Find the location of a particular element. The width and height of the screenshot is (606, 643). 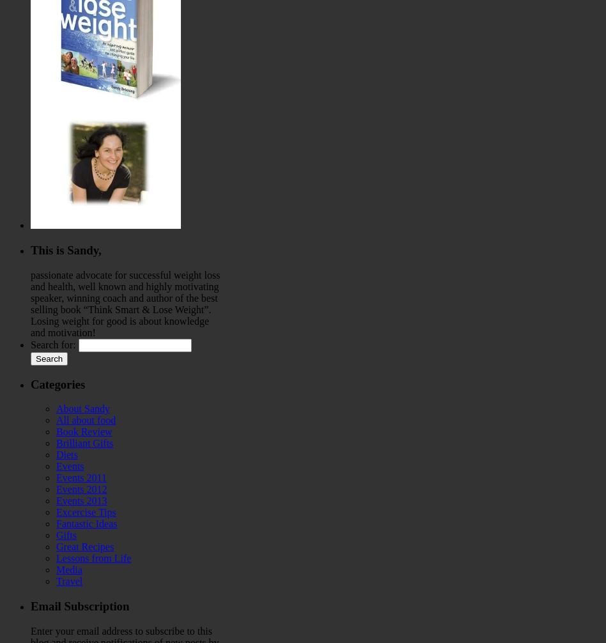

'Events 2011' is located at coordinates (56, 477).